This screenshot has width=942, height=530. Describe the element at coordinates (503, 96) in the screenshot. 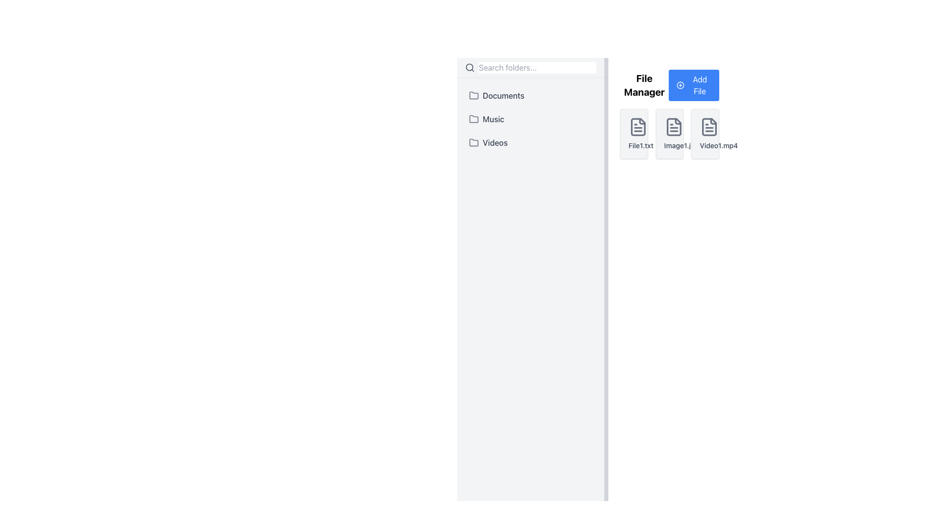

I see `the 'Documents' text label in the left sidebar, which is the first item in a vertical list of items, located near the upper portion of the sidebar` at that location.